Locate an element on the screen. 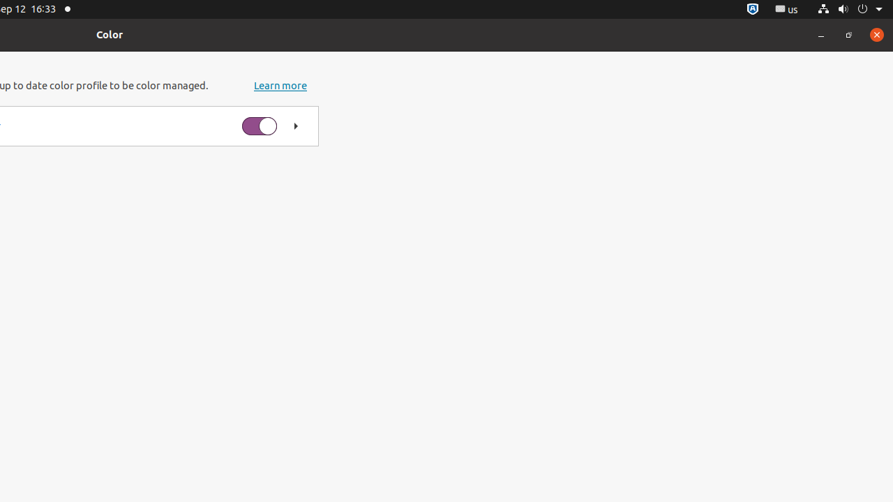 Image resolution: width=893 pixels, height=502 pixels. 'Learn more' is located at coordinates (280, 85).